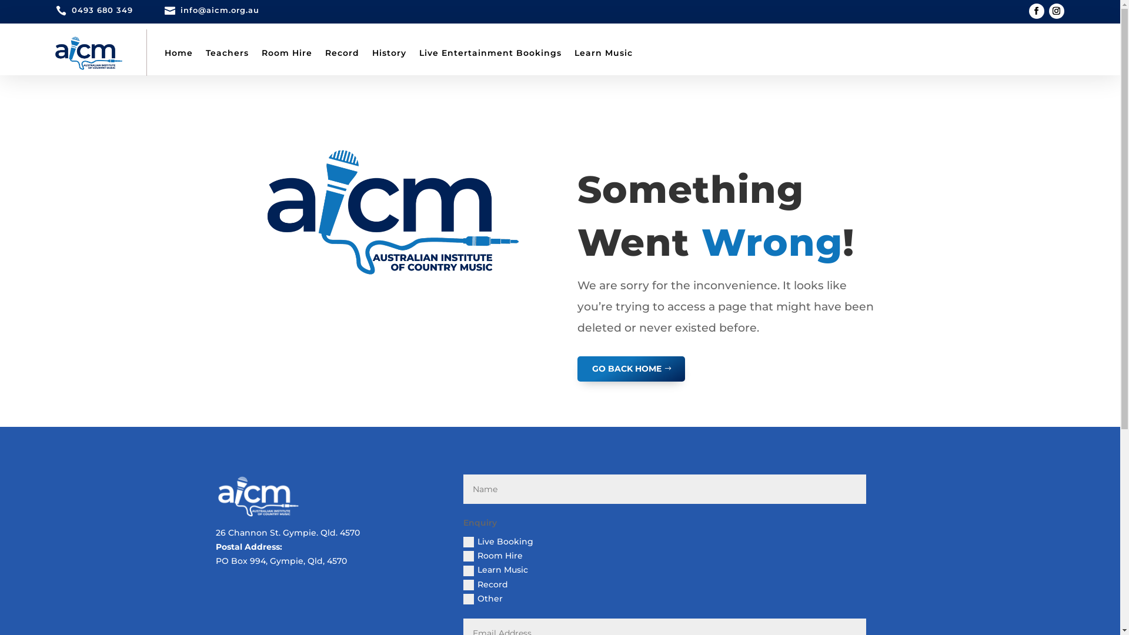 The width and height of the screenshot is (1129, 635). What do you see at coordinates (389, 52) in the screenshot?
I see `'History'` at bounding box center [389, 52].